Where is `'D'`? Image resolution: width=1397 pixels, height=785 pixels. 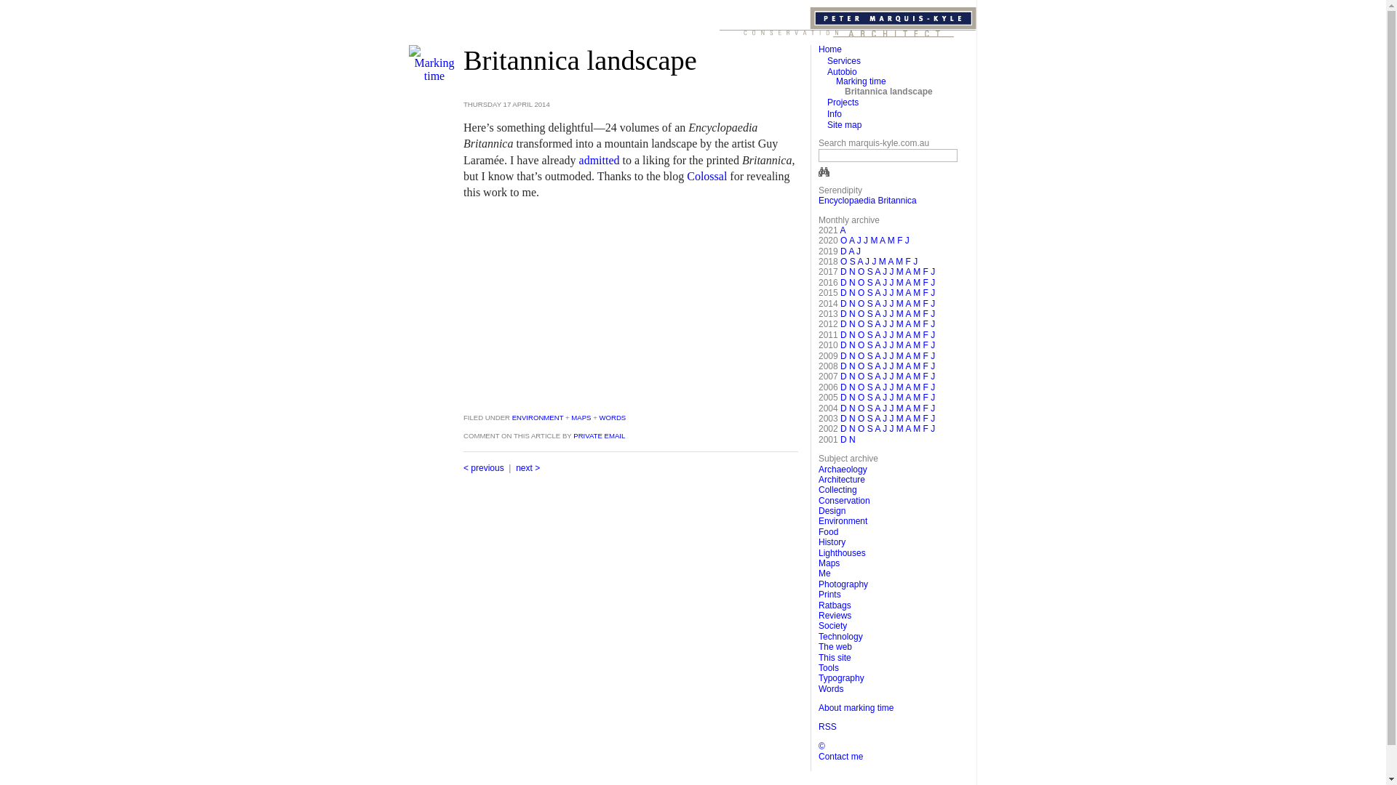 'D' is located at coordinates (840, 439).